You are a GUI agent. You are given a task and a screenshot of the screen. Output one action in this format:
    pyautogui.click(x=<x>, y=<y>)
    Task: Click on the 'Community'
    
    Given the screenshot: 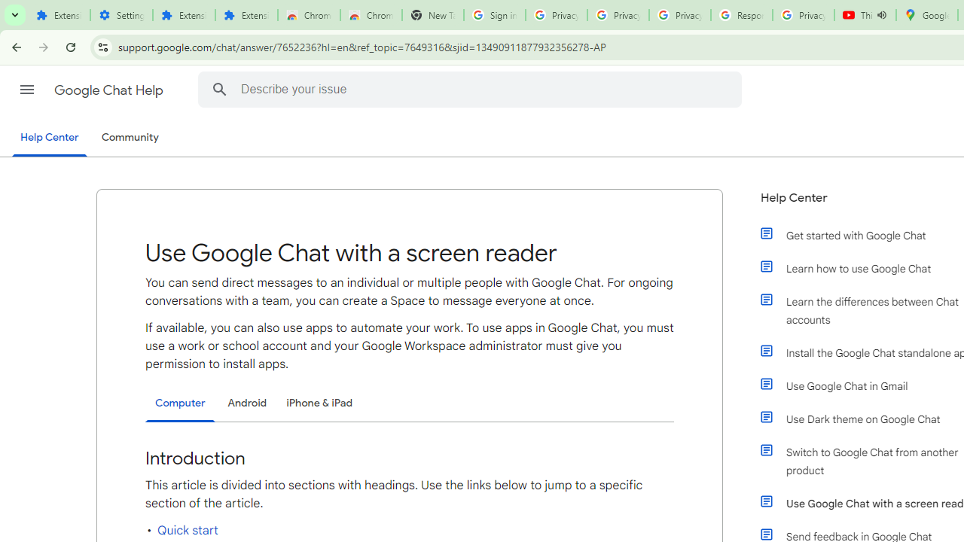 What is the action you would take?
    pyautogui.click(x=130, y=138)
    